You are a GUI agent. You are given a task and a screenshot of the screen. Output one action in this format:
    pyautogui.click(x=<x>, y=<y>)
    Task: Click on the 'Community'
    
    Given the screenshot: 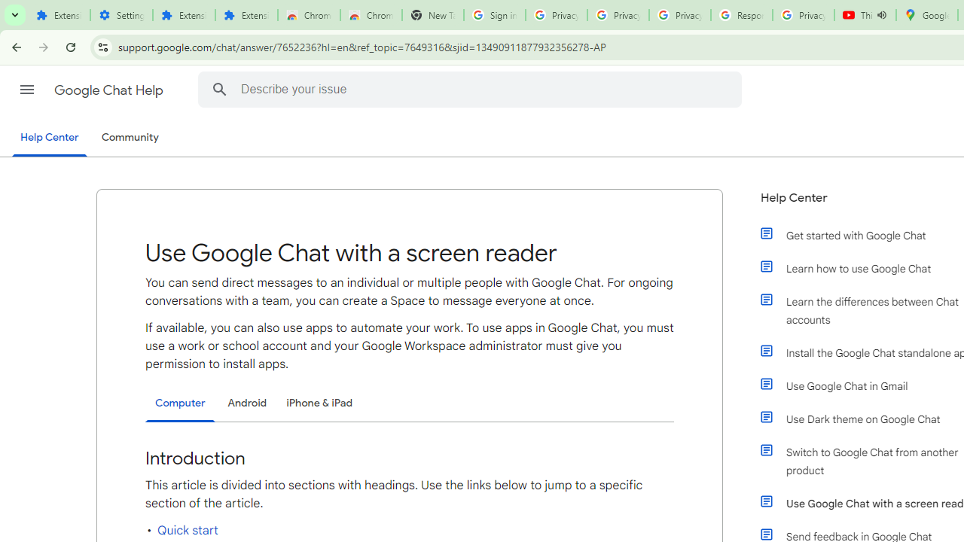 What is the action you would take?
    pyautogui.click(x=130, y=138)
    